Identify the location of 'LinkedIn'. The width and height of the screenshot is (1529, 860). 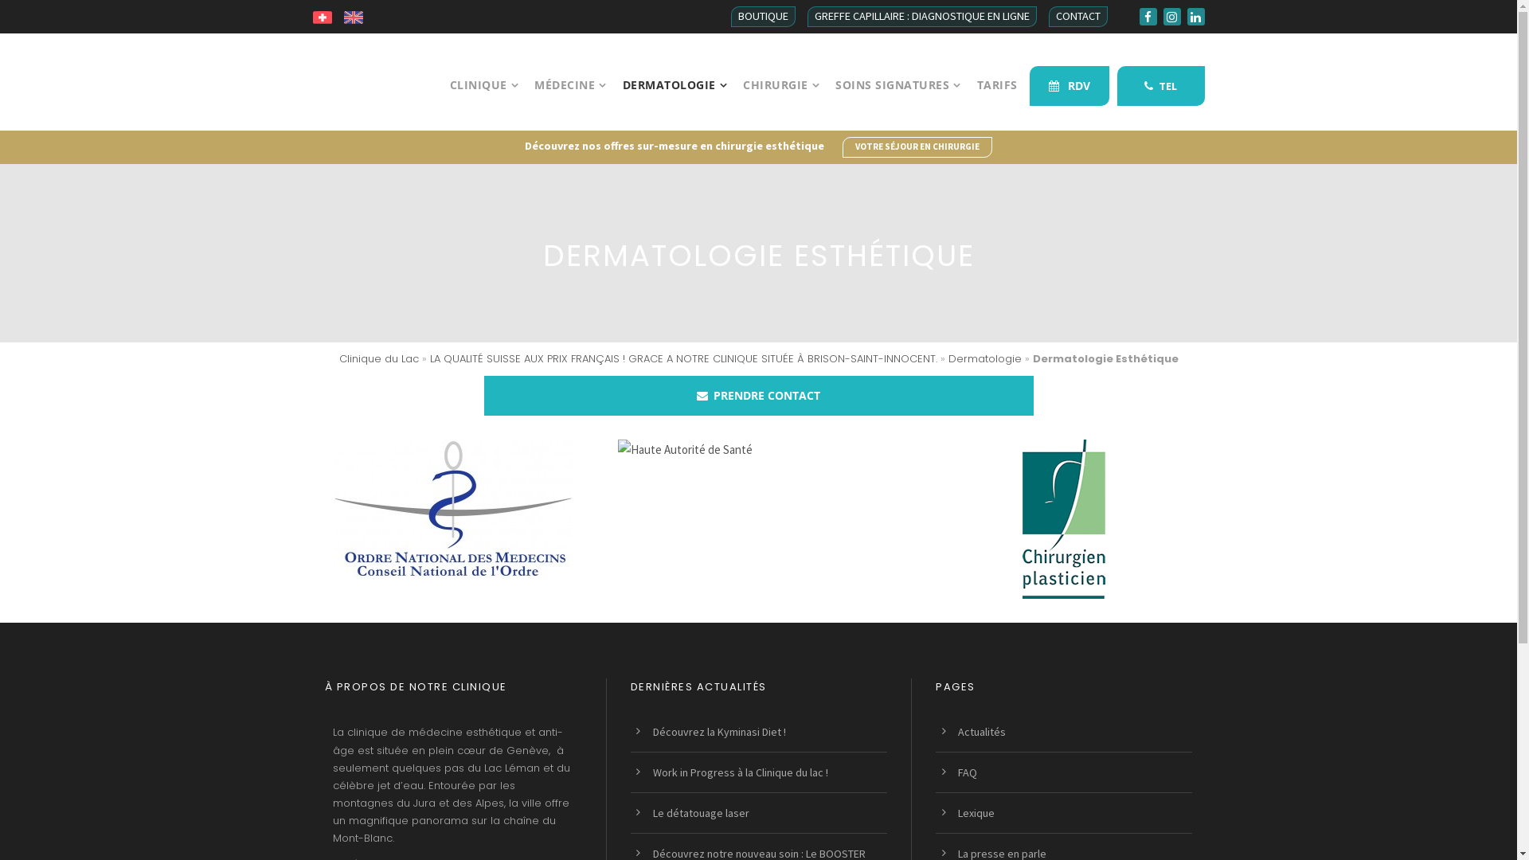
(1195, 16).